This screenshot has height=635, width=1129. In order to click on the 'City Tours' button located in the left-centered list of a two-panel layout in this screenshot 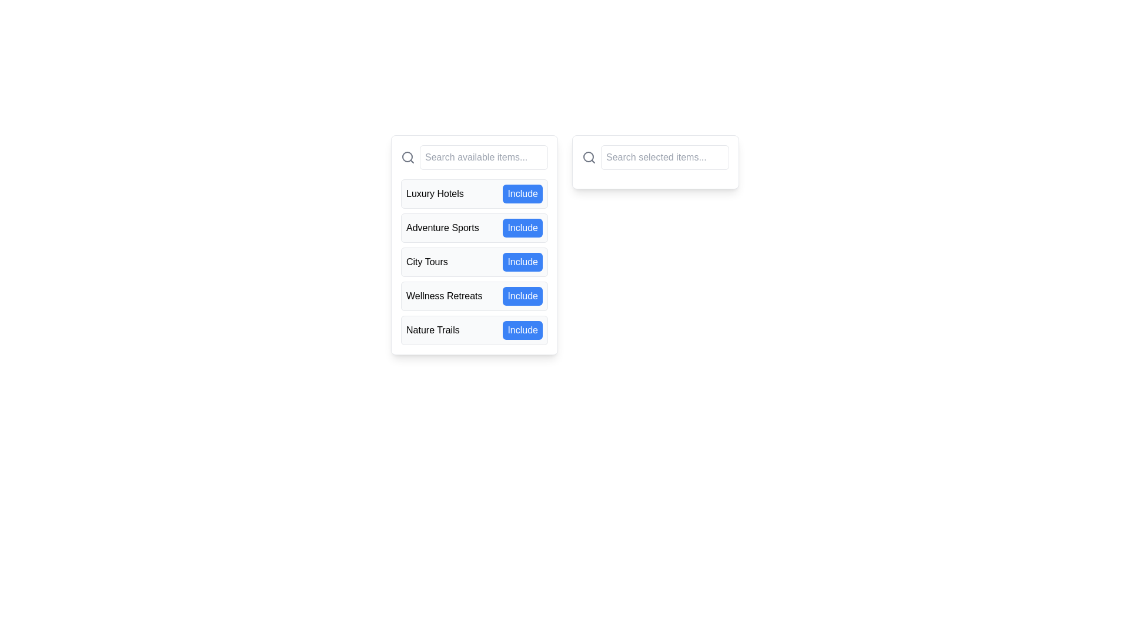, I will do `click(522, 262)`.